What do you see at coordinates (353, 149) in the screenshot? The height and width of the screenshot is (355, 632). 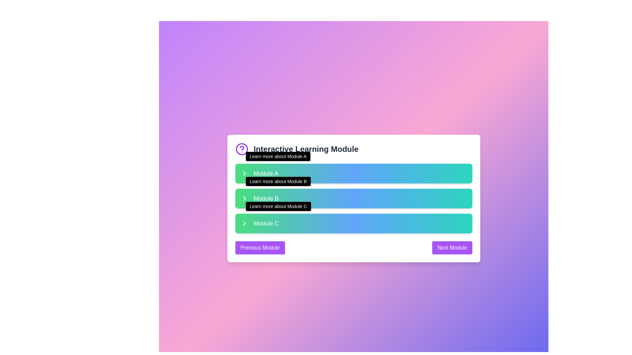 I see `the header text 'Interactive Learning Module'` at bounding box center [353, 149].